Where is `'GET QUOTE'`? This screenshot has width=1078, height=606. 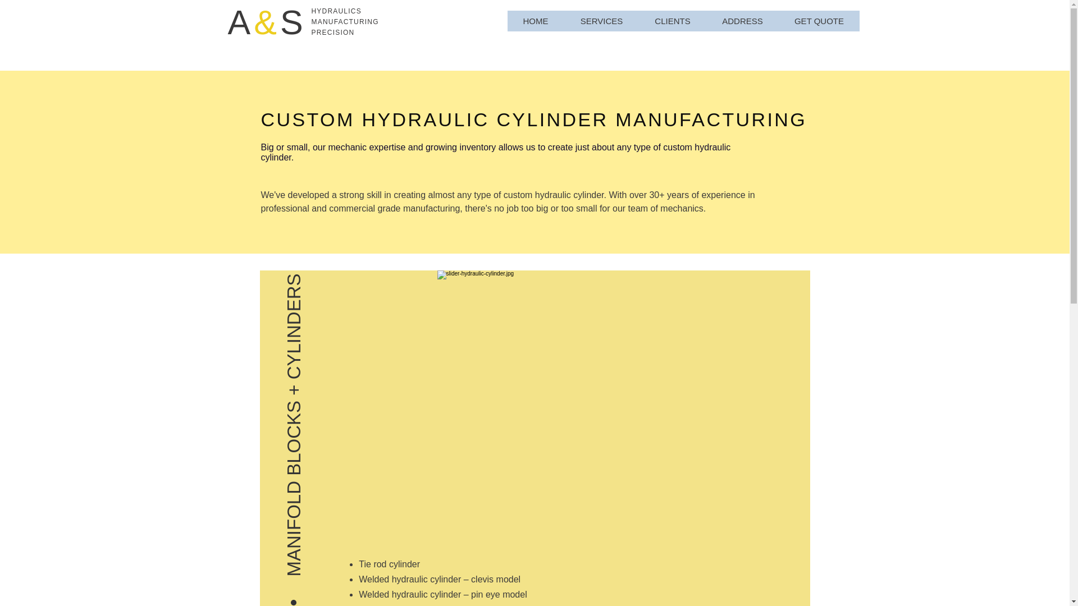
'GET QUOTE' is located at coordinates (819, 21).